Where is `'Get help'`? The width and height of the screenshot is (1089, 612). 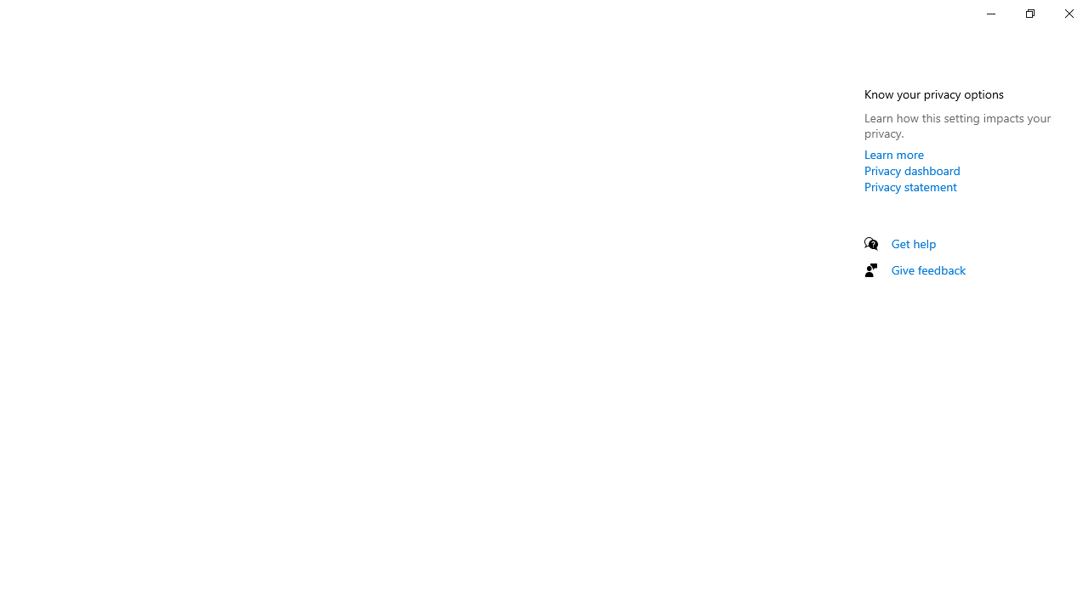 'Get help' is located at coordinates (913, 243).